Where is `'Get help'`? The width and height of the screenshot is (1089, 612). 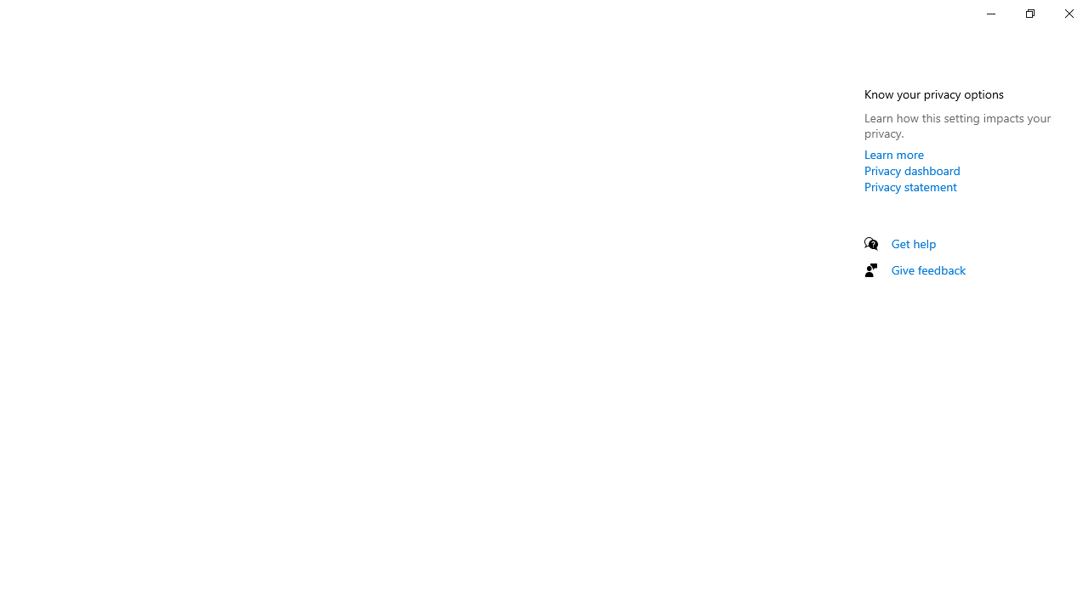 'Get help' is located at coordinates (913, 243).